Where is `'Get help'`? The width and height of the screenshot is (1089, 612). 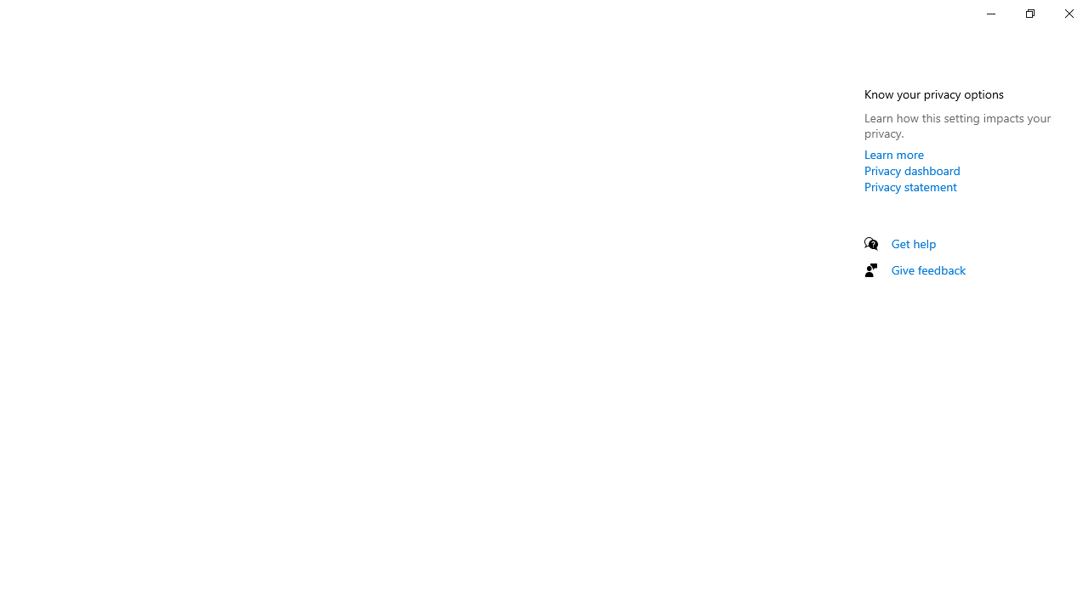 'Get help' is located at coordinates (913, 243).